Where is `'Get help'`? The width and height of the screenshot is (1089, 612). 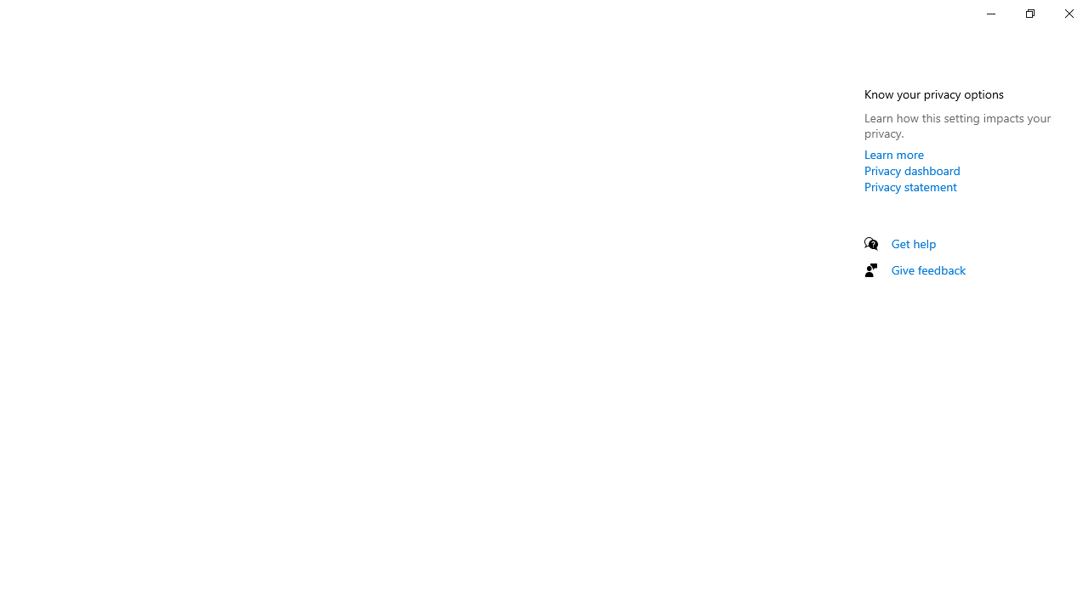 'Get help' is located at coordinates (913, 243).